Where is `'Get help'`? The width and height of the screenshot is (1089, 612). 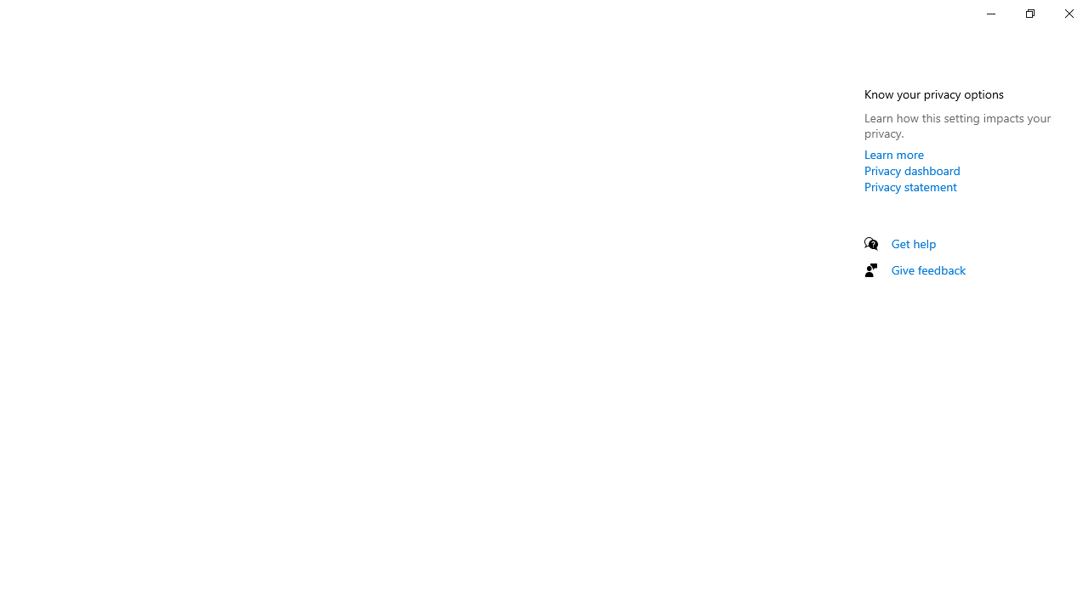 'Get help' is located at coordinates (913, 243).